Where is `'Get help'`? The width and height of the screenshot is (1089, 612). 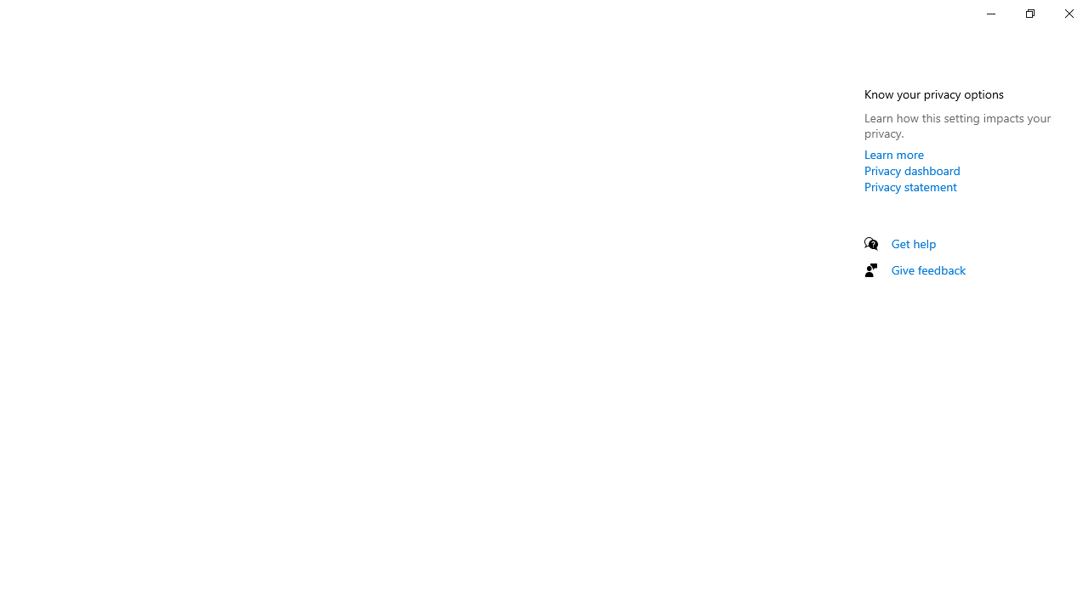 'Get help' is located at coordinates (913, 243).